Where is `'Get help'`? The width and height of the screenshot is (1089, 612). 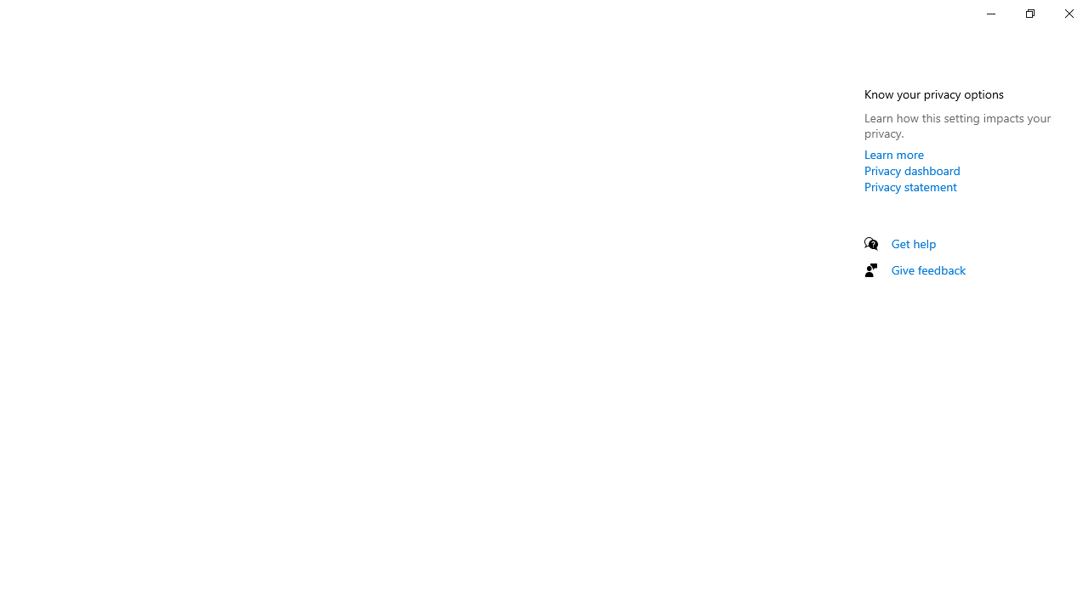 'Get help' is located at coordinates (913, 243).